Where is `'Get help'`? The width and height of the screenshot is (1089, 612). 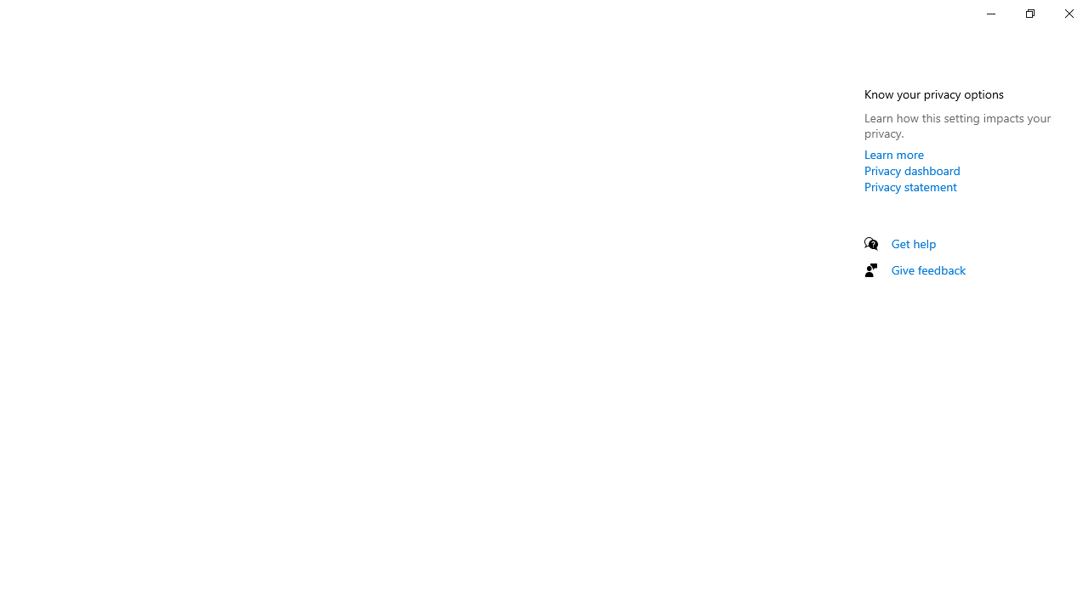 'Get help' is located at coordinates (913, 243).